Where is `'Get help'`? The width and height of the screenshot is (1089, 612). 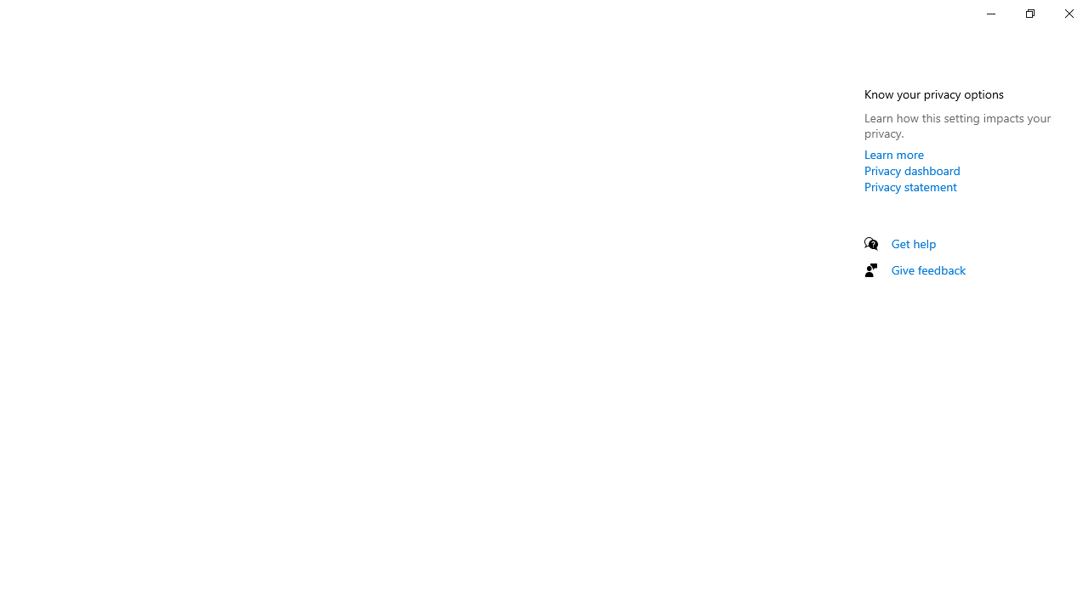 'Get help' is located at coordinates (913, 243).